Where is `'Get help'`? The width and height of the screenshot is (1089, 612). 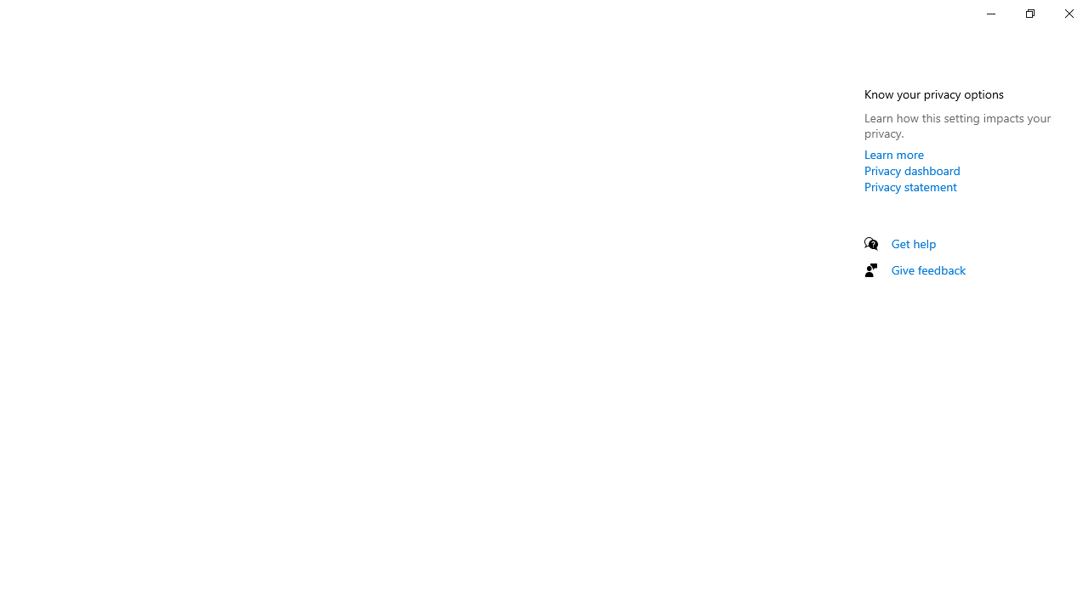 'Get help' is located at coordinates (913, 243).